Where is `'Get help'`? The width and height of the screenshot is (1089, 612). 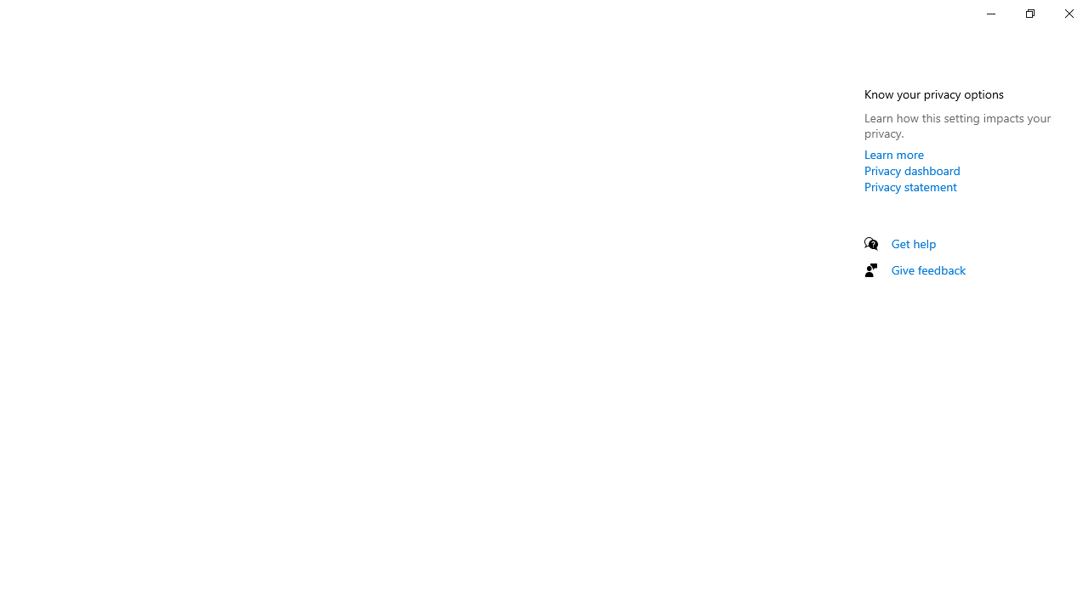 'Get help' is located at coordinates (913, 243).